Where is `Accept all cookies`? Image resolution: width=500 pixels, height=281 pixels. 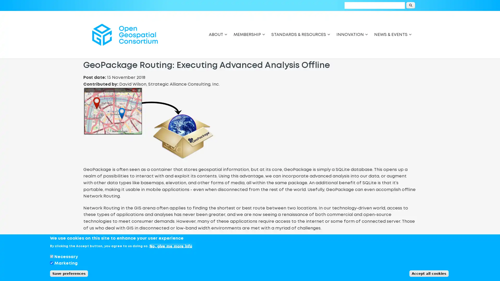
Accept all cookies is located at coordinates (429, 273).